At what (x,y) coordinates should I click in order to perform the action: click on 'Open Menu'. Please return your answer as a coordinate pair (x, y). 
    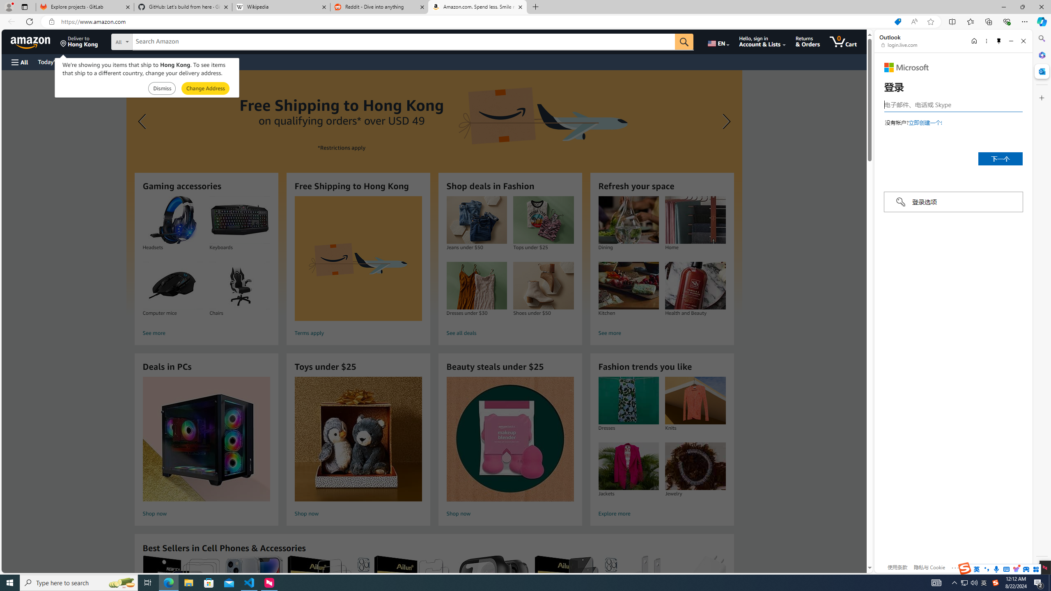
    Looking at the image, I should click on (19, 62).